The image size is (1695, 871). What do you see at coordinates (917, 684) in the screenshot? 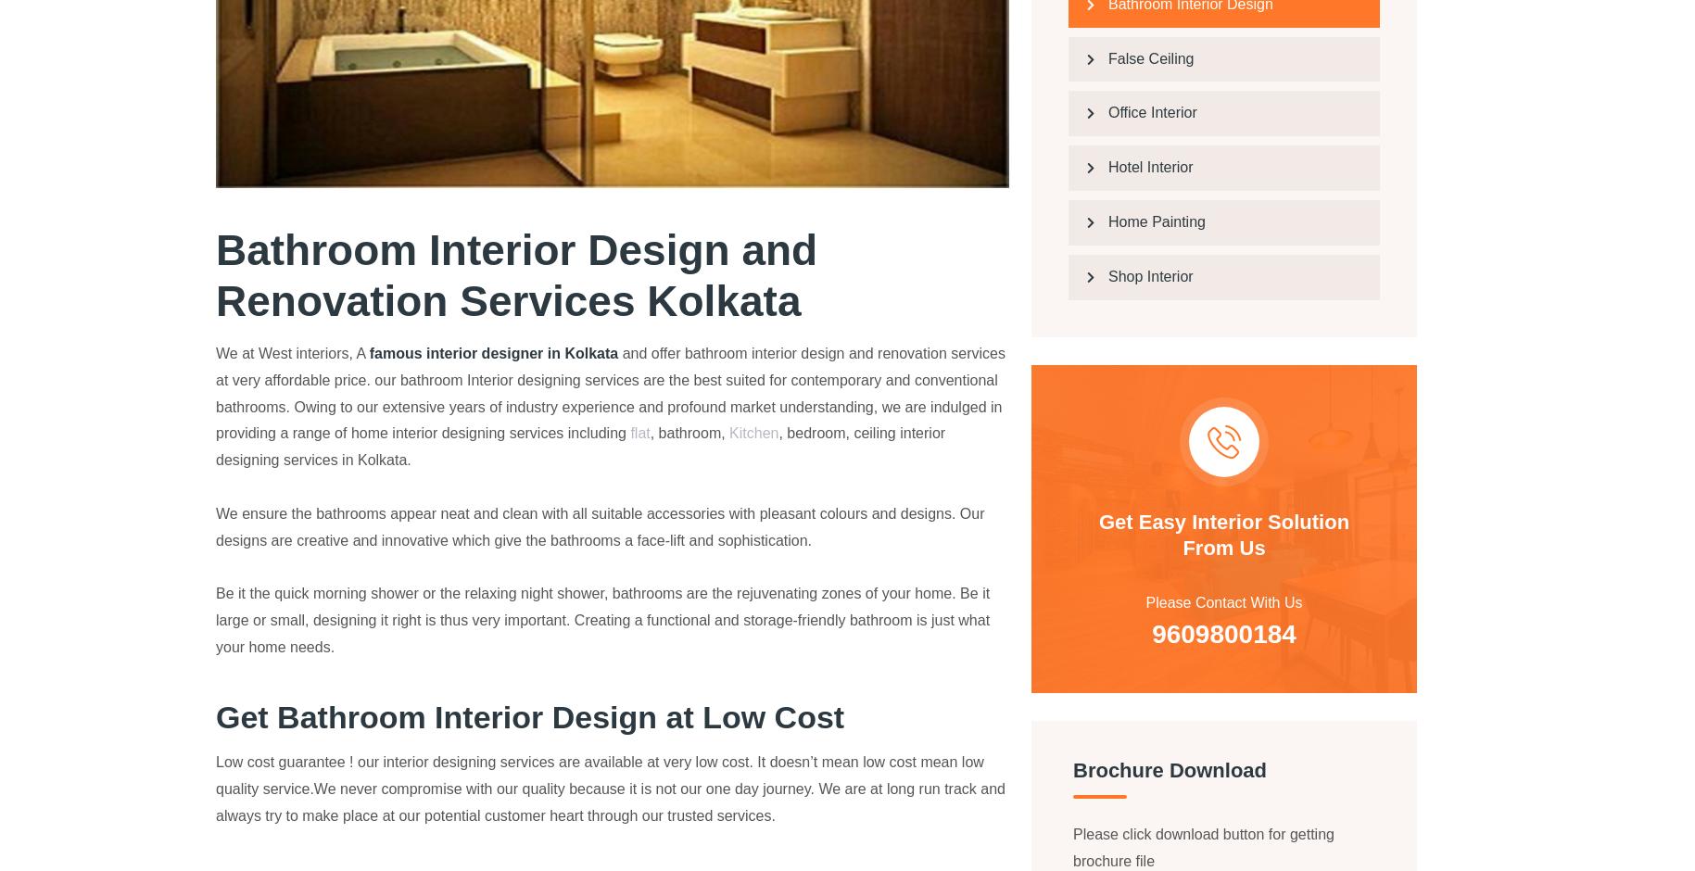
I see `'Flat Interior Design'` at bounding box center [917, 684].